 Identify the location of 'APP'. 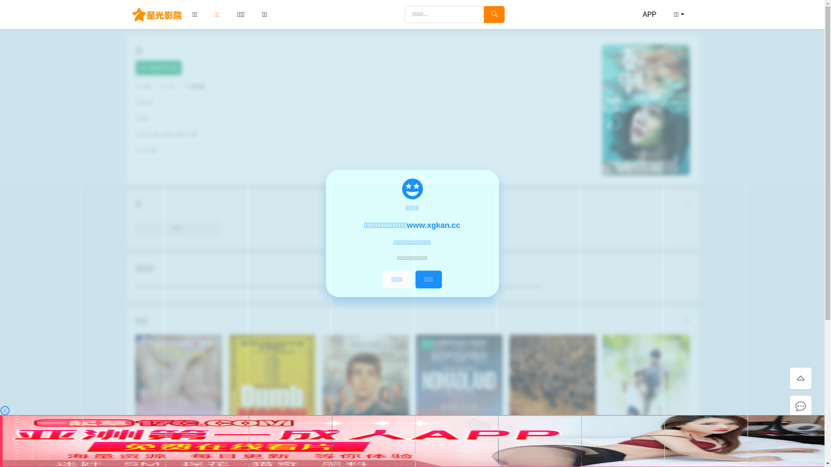
(650, 15).